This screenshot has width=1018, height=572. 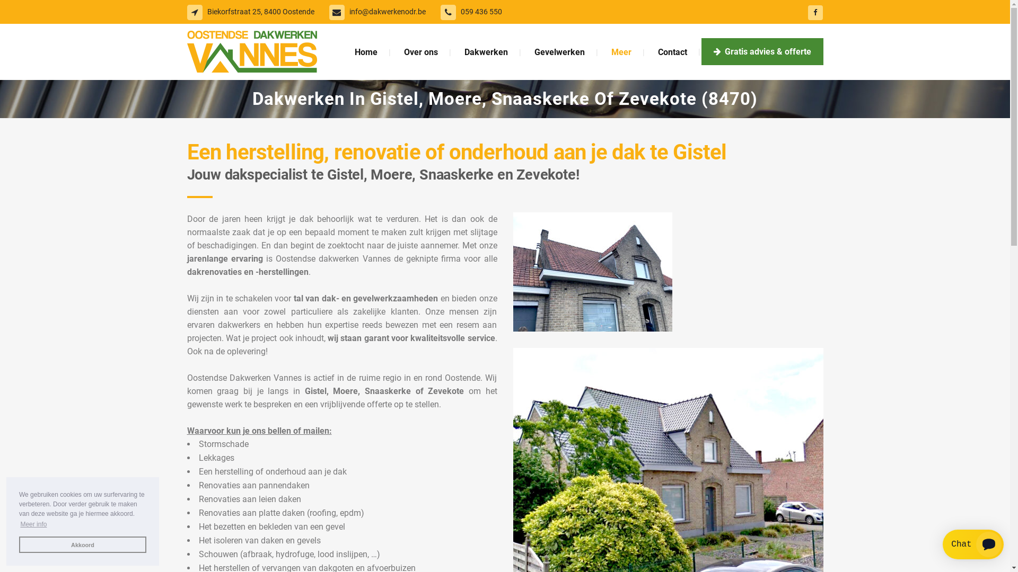 What do you see at coordinates (343, 52) in the screenshot?
I see `'Home'` at bounding box center [343, 52].